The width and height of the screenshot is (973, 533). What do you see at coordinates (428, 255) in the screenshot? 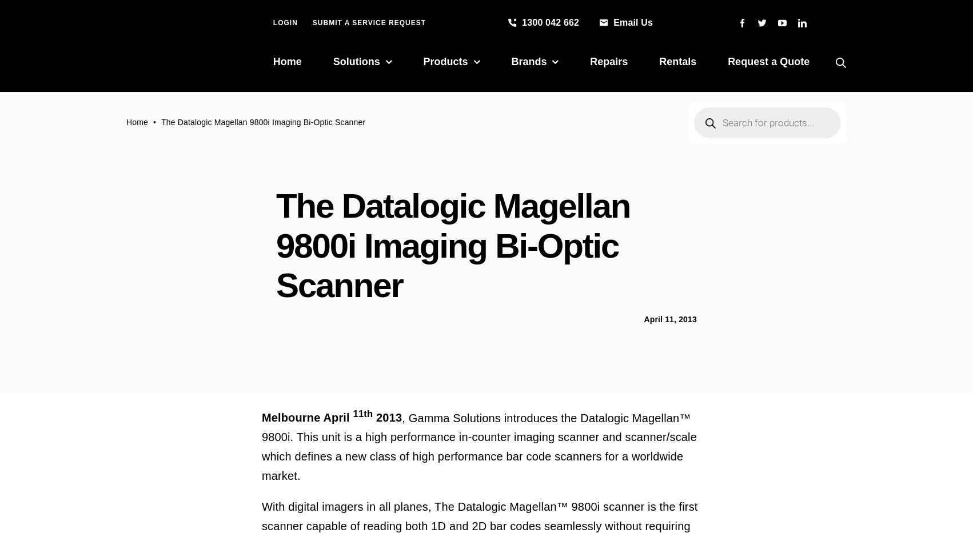
I see `'Software'` at bounding box center [428, 255].